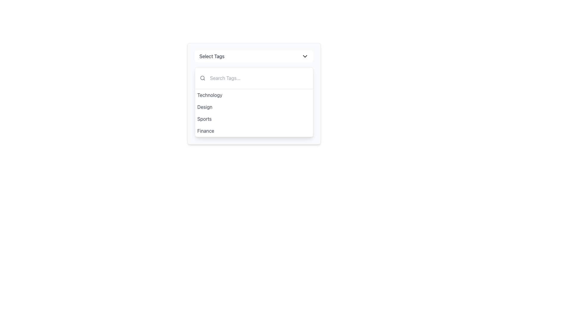  I want to click on the first option labeled 'Technology' in the dropdown menu 'Select Tags', so click(210, 95).